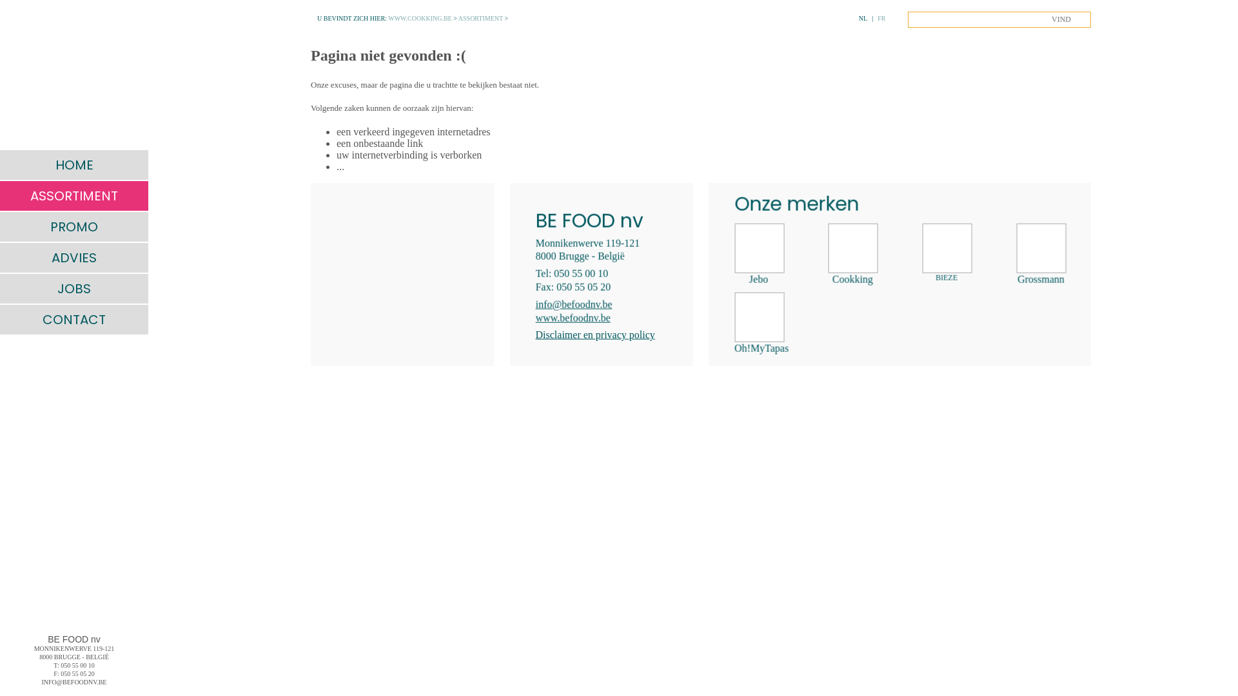  Describe the element at coordinates (74, 681) in the screenshot. I see `'INFO@BEFOODNV.BE'` at that location.